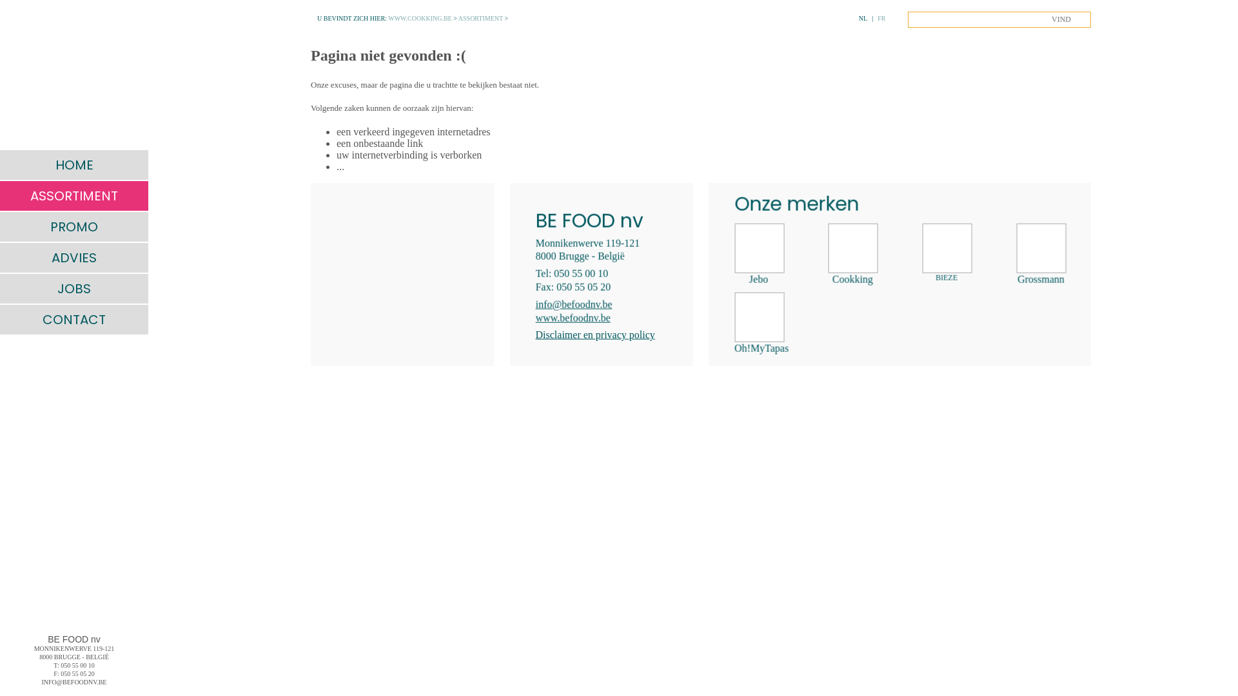  Describe the element at coordinates (74, 681) in the screenshot. I see `'INFO@BEFOODNV.BE'` at that location.